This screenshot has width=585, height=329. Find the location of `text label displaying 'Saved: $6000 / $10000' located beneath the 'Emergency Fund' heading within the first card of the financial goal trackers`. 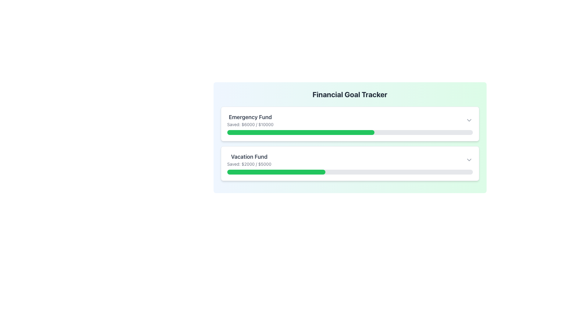

text label displaying 'Saved: $6000 / $10000' located beneath the 'Emergency Fund' heading within the first card of the financial goal trackers is located at coordinates (250, 124).